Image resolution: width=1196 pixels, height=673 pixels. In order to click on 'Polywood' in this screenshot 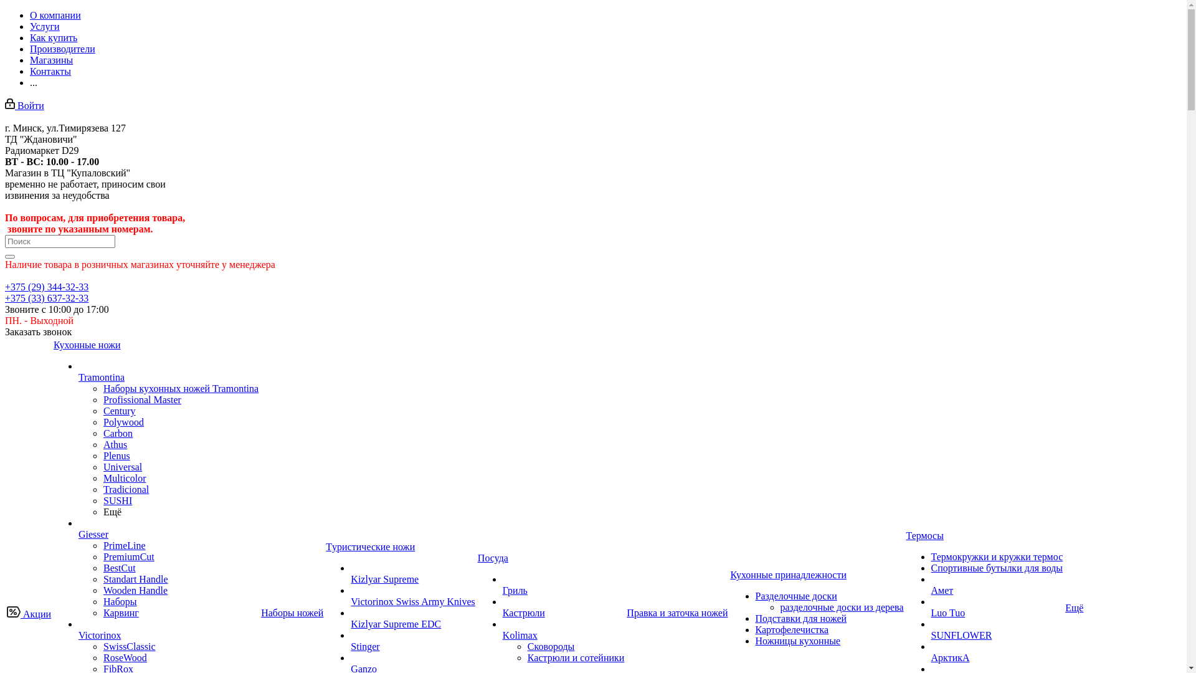, I will do `click(103, 421)`.